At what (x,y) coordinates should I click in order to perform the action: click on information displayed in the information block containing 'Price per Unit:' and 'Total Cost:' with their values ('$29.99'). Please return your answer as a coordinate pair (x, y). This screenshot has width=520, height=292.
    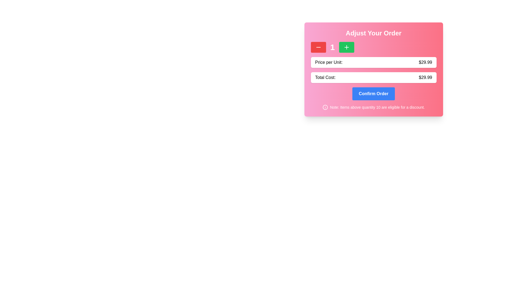
    Looking at the image, I should click on (373, 76).